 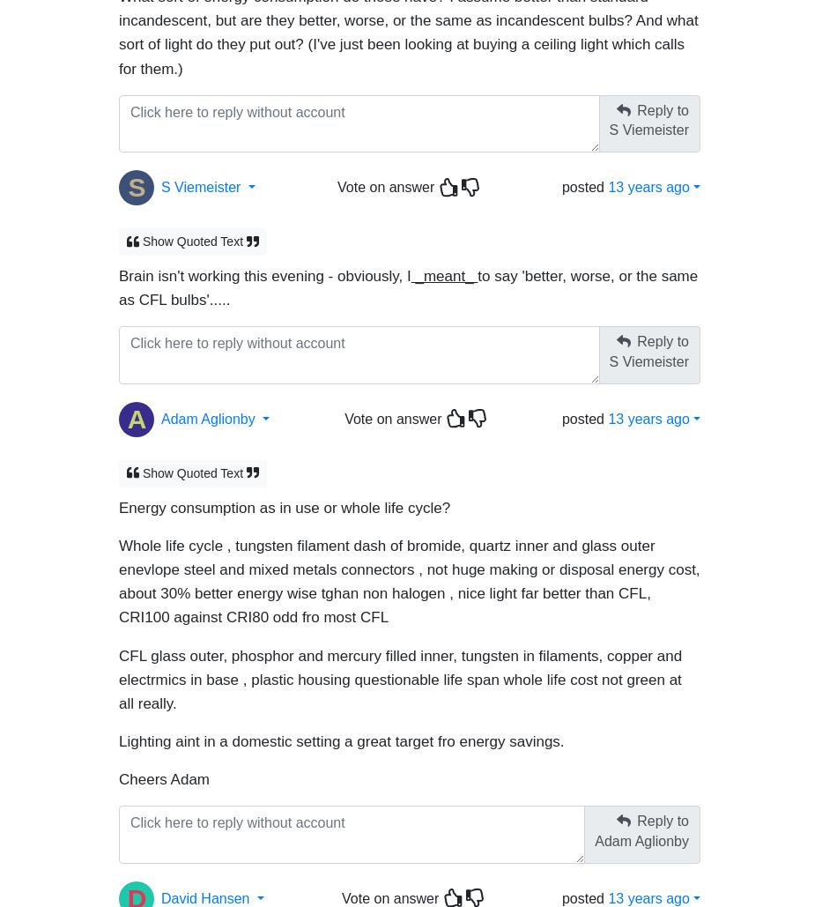 I want to click on 'CFL  glass outer, phosphor and mercury filled inner, tungsten in filaments, copper and electrmics in base , plastic housing questionable life span whole life cost not green at all really.', so click(x=118, y=671).